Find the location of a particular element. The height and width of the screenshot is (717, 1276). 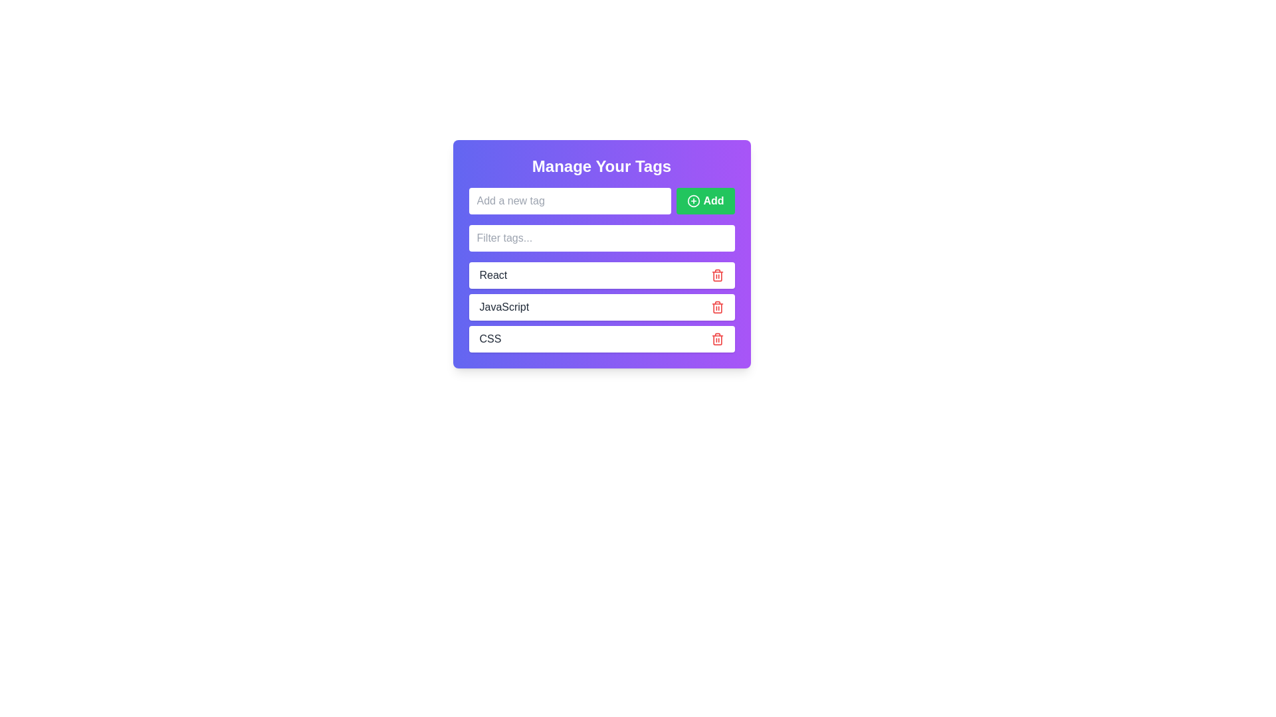

the icon within the 'Add' button, which symbolizes the action of adding a new item is located at coordinates (693, 201).